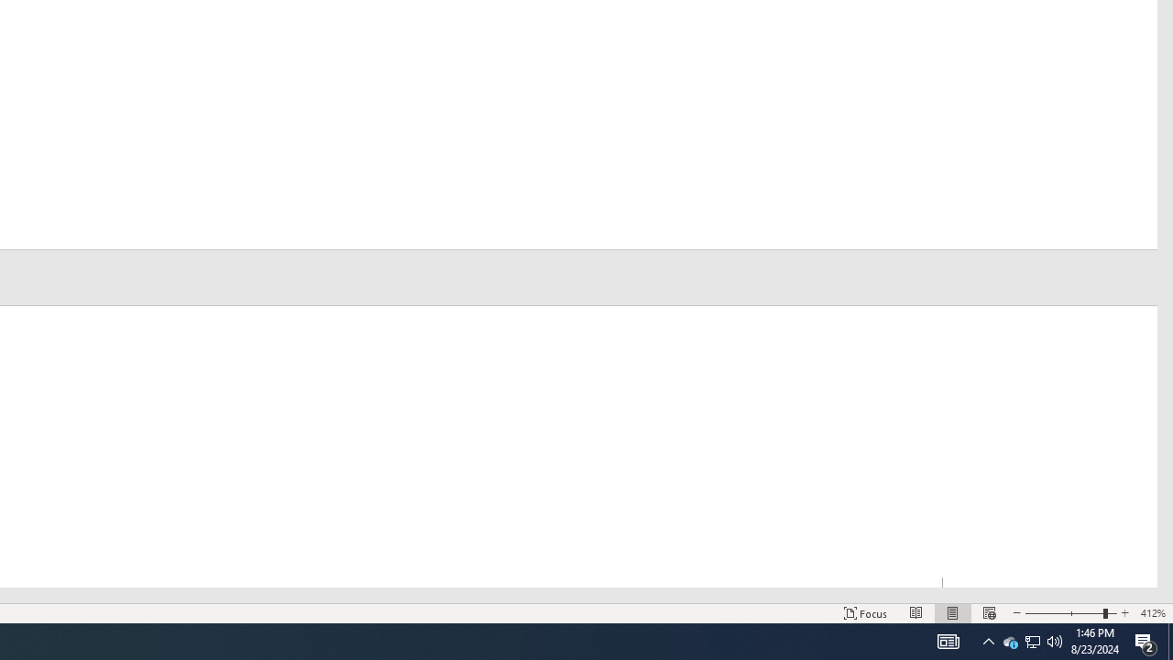  I want to click on 'Notification Chevron', so click(1033, 640).